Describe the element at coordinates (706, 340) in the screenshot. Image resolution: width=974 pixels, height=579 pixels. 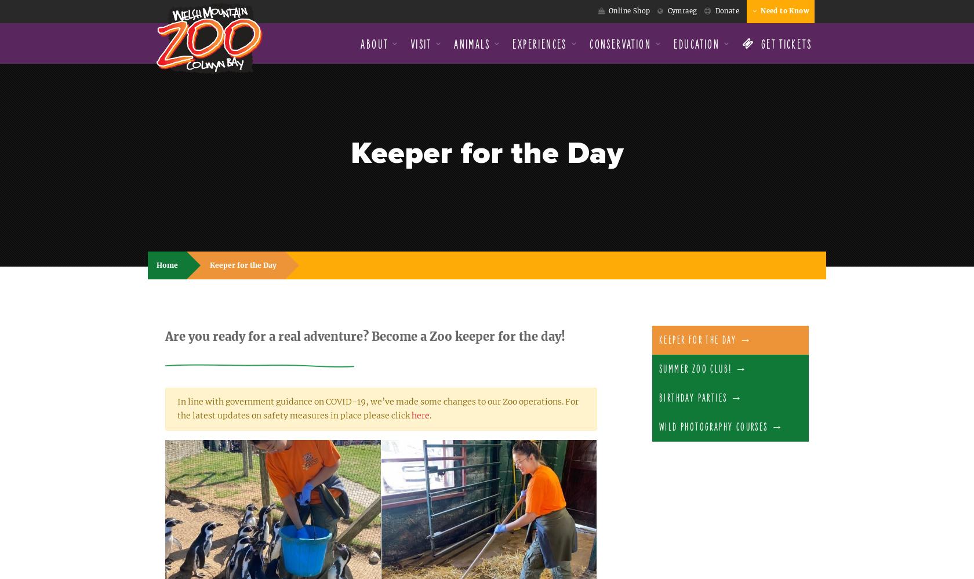
I see `'Keeper for the Day →'` at that location.